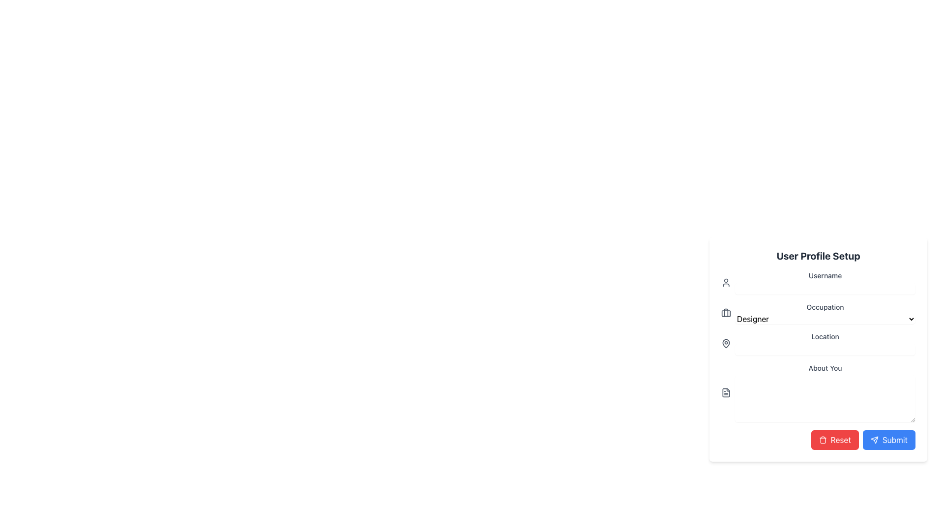 This screenshot has width=944, height=531. What do you see at coordinates (825, 306) in the screenshot?
I see `the 'Occupation' text label in the 'User Profile Setup' section, which is styled in gray and positioned above the dropdown field` at bounding box center [825, 306].